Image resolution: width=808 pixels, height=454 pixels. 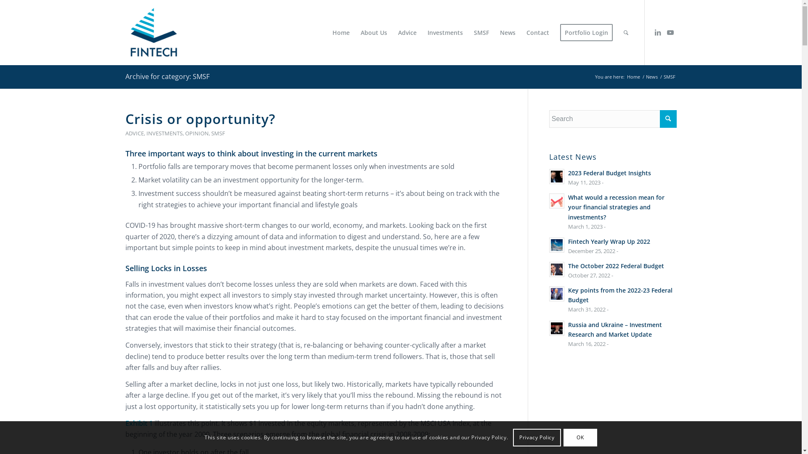 What do you see at coordinates (167, 76) in the screenshot?
I see `'Archive for category: SMSF'` at bounding box center [167, 76].